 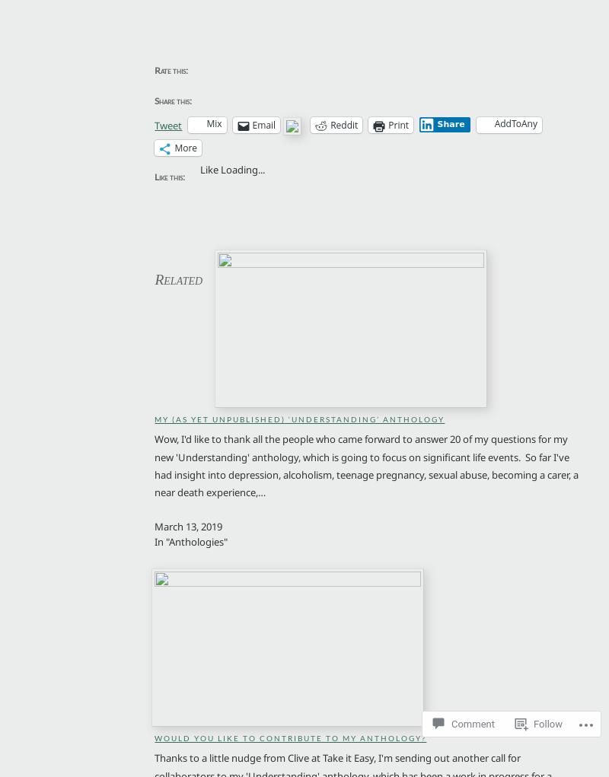 What do you see at coordinates (366, 465) in the screenshot?
I see `'Wow, I'd like to thank all the people who came forward to answer 20 of my questions for my new 'Understanding' anthology, which is going to focus on significant life events.  So far I've had insight into depression, alcoholism, teenage pregnancy, sexual abuse, becoming a carer, a near death experience,…'` at bounding box center [366, 465].